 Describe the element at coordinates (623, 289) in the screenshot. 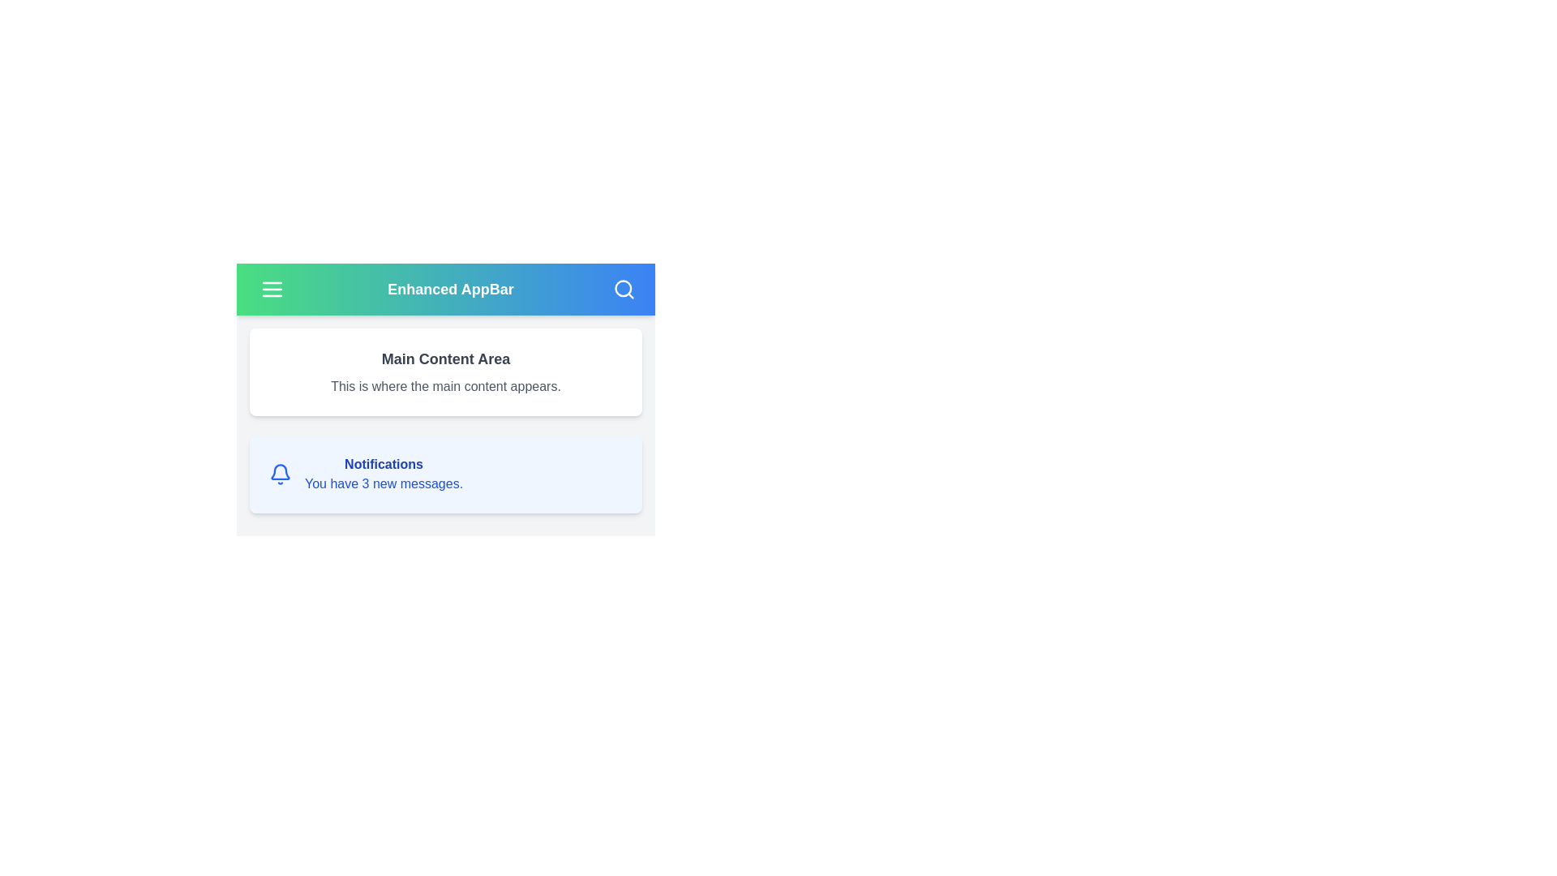

I see `the search icon in the top-right corner of the app bar` at that location.